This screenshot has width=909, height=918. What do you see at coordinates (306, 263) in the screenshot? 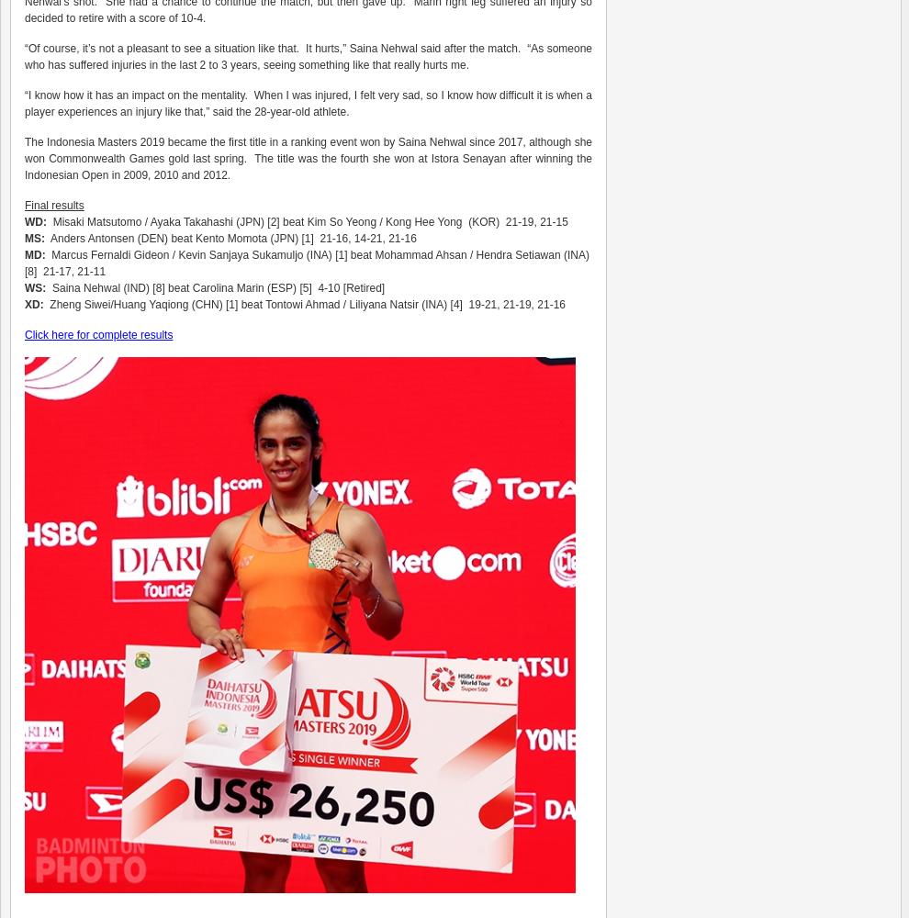
I see `'Marcus Fernaldi Gideon / Kevin Sanjaya Sukamuljo (INA) [1] beat Mohammad Ahsan / Hendra Setiawan (INA) [8]  21-17, 21-11'` at bounding box center [306, 263].